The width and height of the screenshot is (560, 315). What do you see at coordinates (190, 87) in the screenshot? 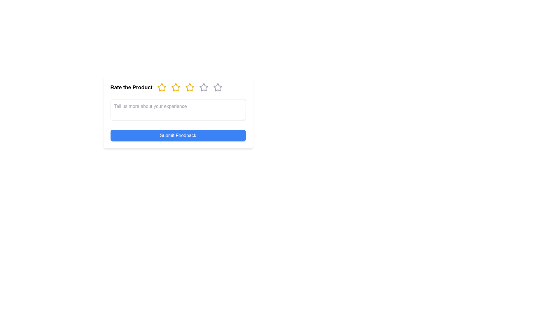
I see `the third star icon in the rating system located below 'Rate the Product' and above the text input field for feedback` at bounding box center [190, 87].